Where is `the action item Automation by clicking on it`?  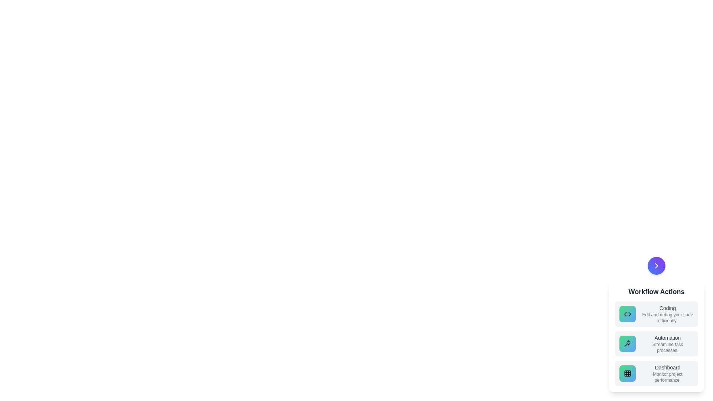
the action item Automation by clicking on it is located at coordinates (656, 343).